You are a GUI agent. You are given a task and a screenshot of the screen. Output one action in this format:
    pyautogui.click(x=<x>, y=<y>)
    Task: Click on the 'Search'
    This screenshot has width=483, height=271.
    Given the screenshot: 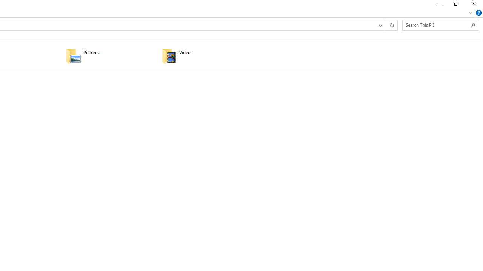 What is the action you would take?
    pyautogui.click(x=472, y=24)
    